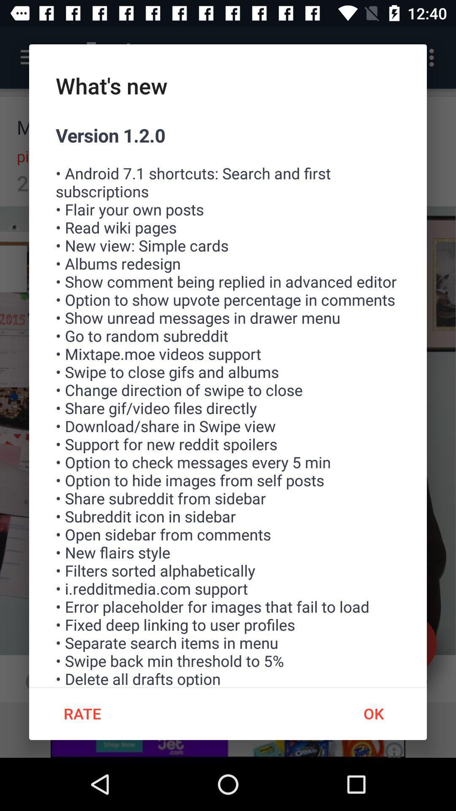 The height and width of the screenshot is (811, 456). I want to click on item next to ok, so click(82, 713).